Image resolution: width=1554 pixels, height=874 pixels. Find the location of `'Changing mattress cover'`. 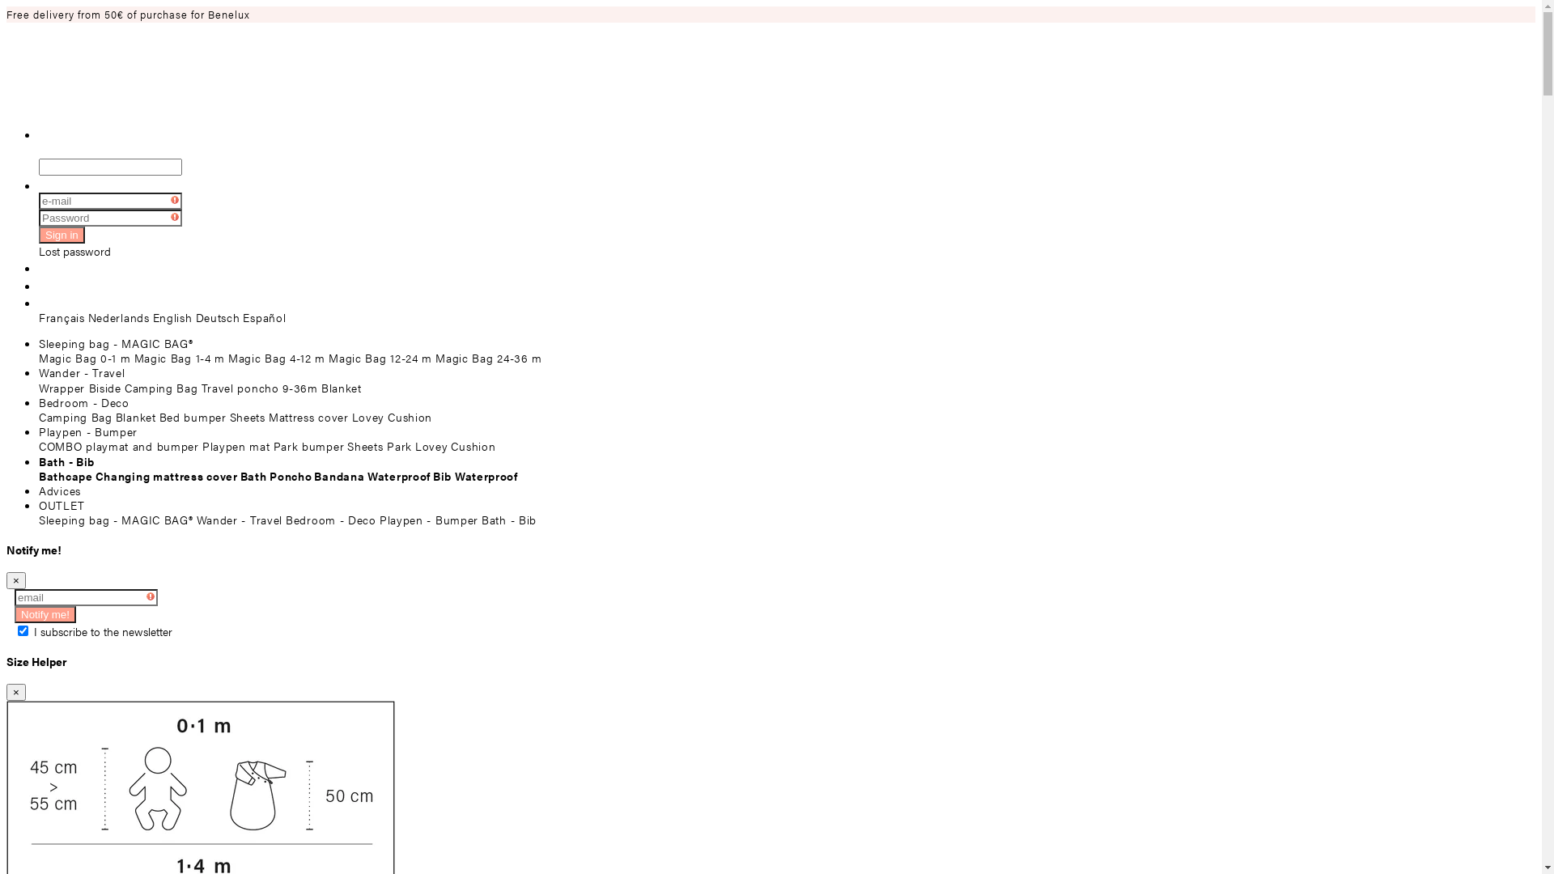

'Changing mattress cover' is located at coordinates (167, 474).